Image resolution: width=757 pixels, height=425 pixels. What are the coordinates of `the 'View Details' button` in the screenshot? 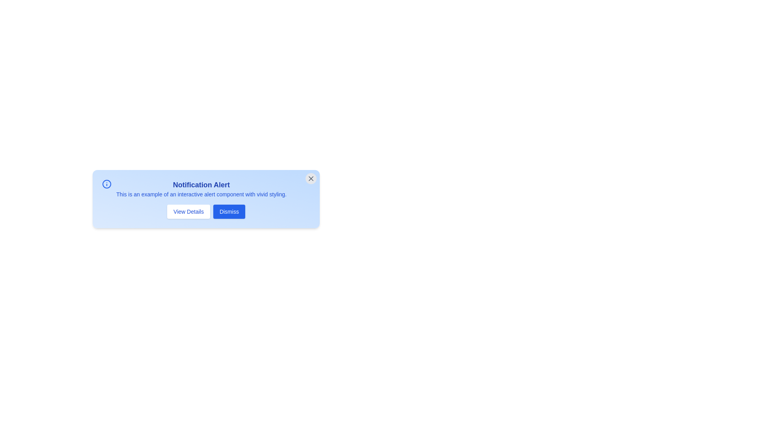 It's located at (188, 211).